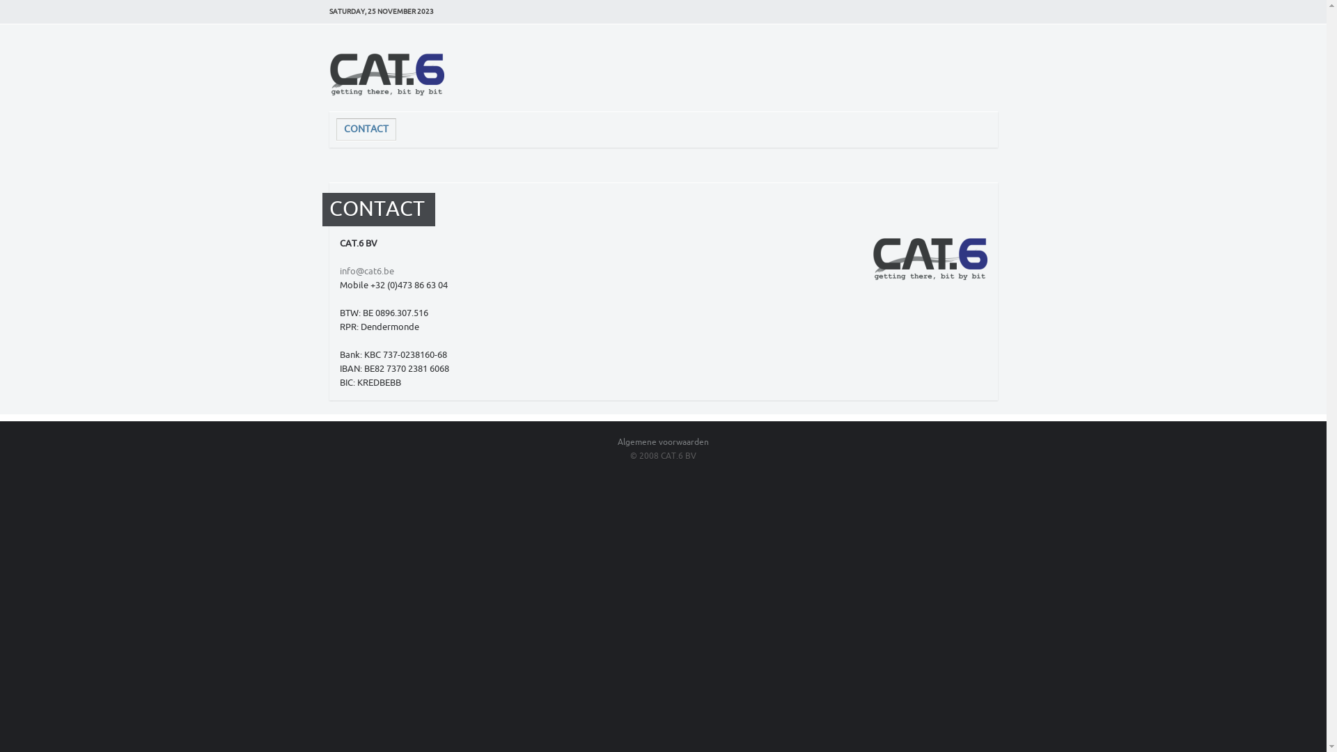 This screenshot has height=752, width=1337. Describe the element at coordinates (617, 442) in the screenshot. I see `'Algemene voorwaarden'` at that location.